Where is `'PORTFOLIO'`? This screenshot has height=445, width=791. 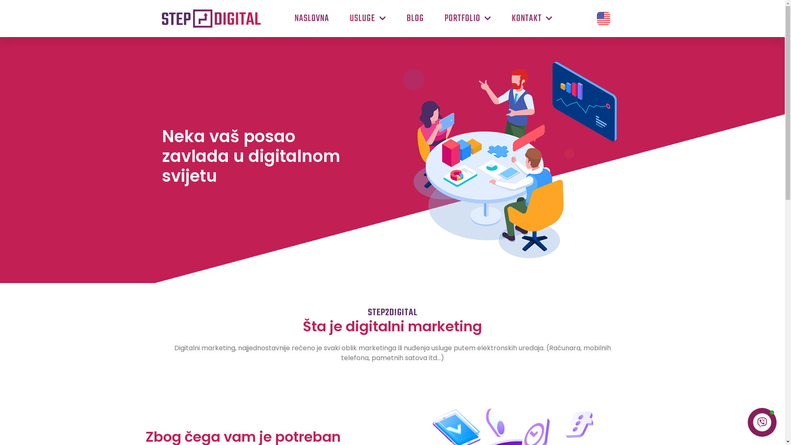
'PORTFOLIO' is located at coordinates (468, 19).